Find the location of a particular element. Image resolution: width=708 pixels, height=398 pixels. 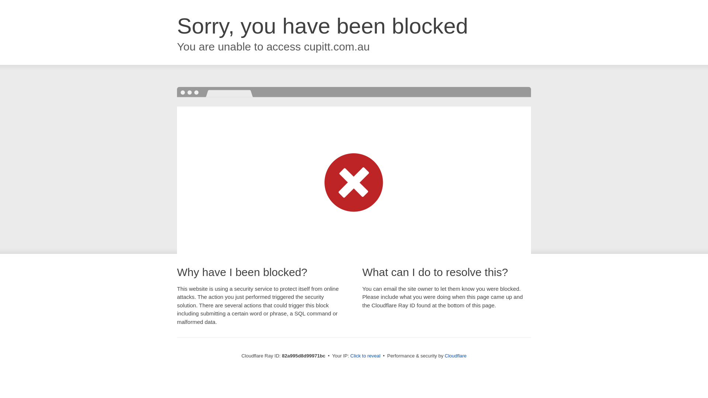

'Cloudflare' is located at coordinates (455, 355).